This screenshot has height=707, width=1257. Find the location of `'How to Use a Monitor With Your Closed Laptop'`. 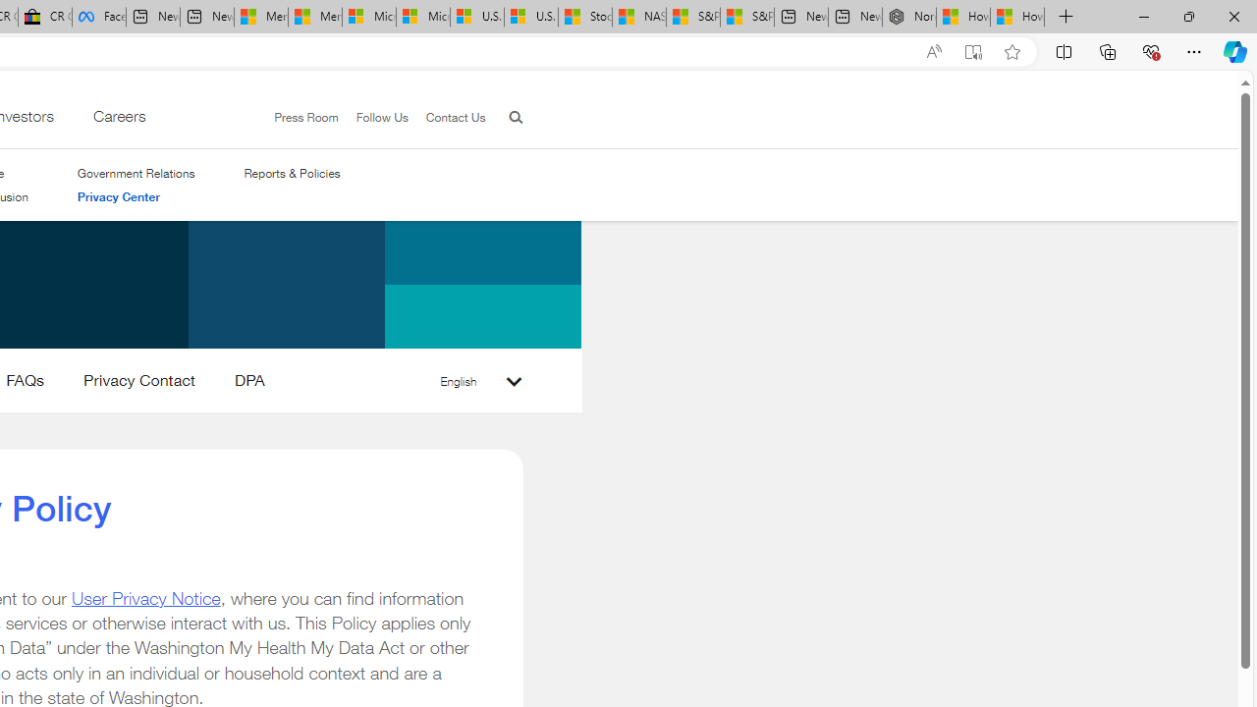

'How to Use a Monitor With Your Closed Laptop' is located at coordinates (1017, 17).